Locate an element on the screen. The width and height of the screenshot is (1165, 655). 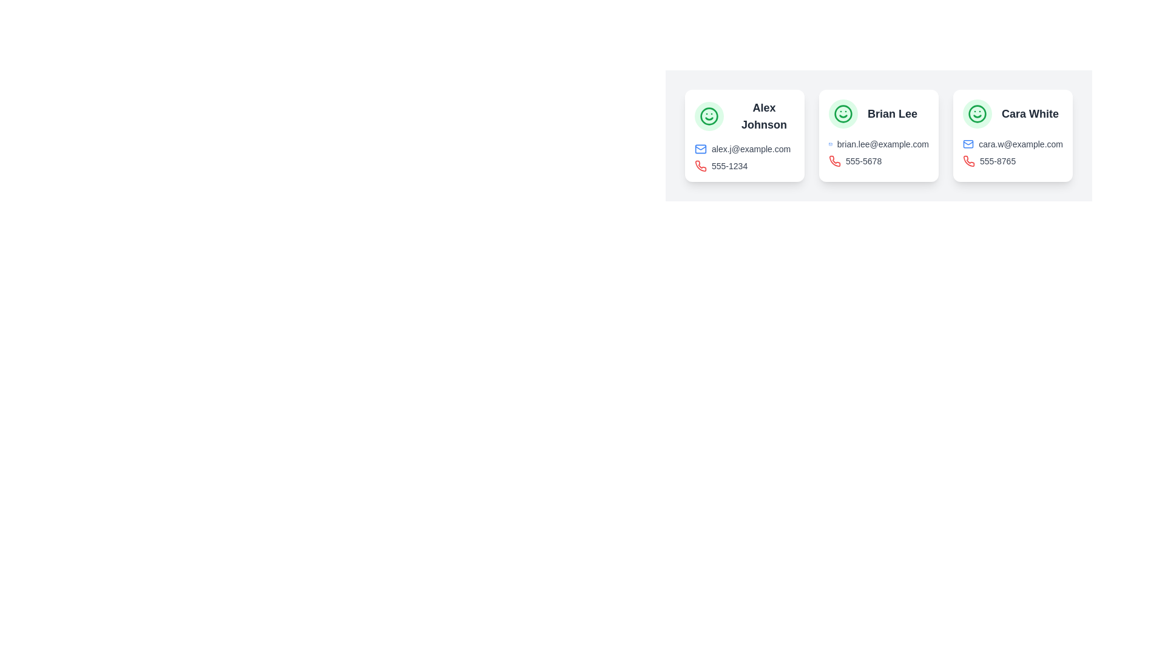
the email icon in the Contact Information Display for Cara White, located at the bottom of her card, below her name and avatar is located at coordinates (1013, 152).